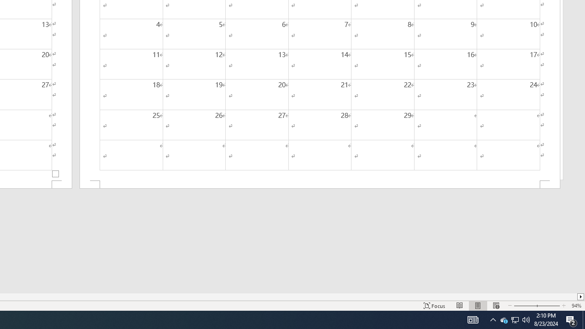  I want to click on 'Web Layout', so click(496, 306).